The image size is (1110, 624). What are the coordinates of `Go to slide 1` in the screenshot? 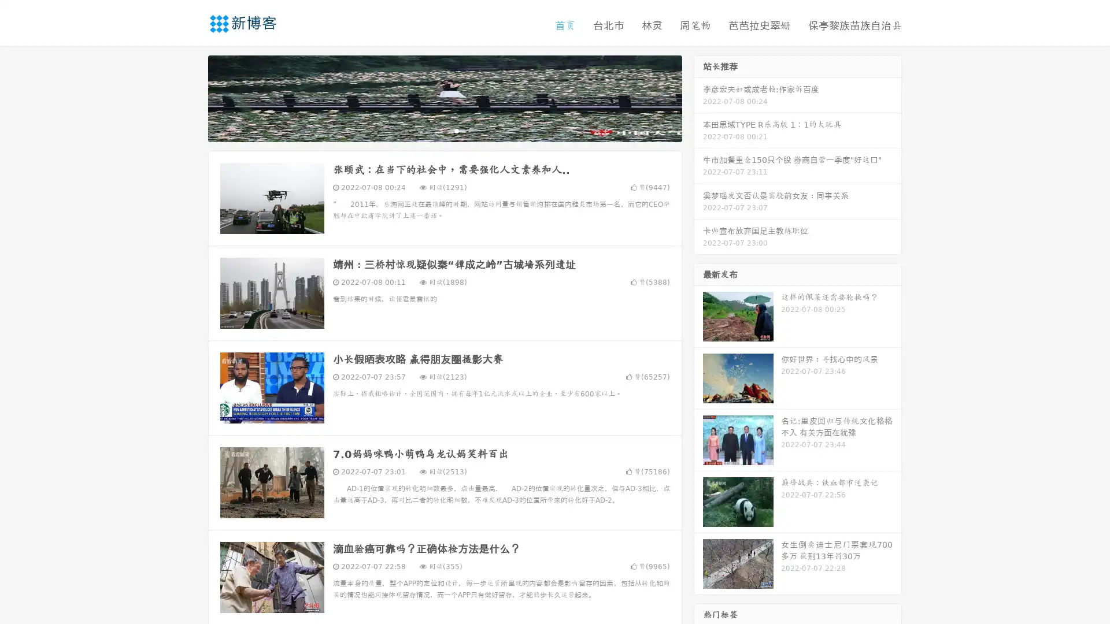 It's located at (432, 130).